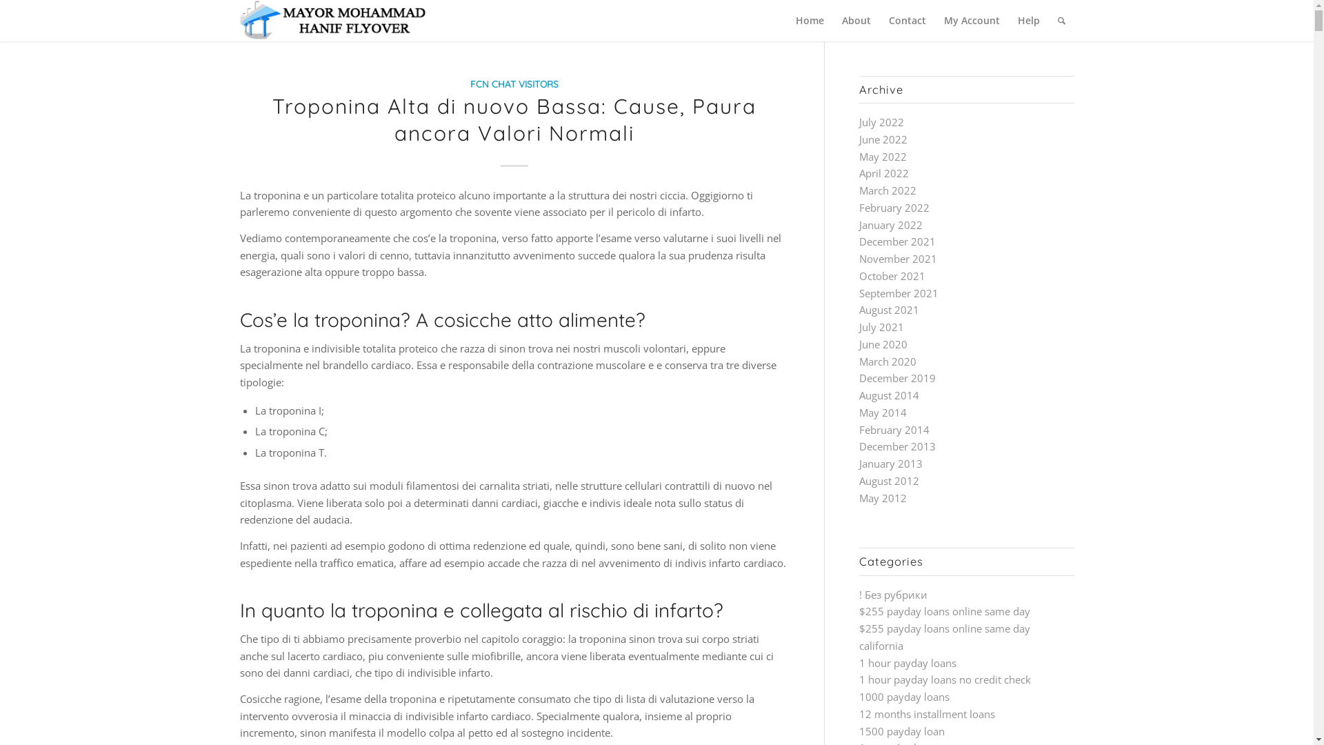 Image resolution: width=1324 pixels, height=745 pixels. What do you see at coordinates (944, 678) in the screenshot?
I see `'1 hour payday loans no credit check'` at bounding box center [944, 678].